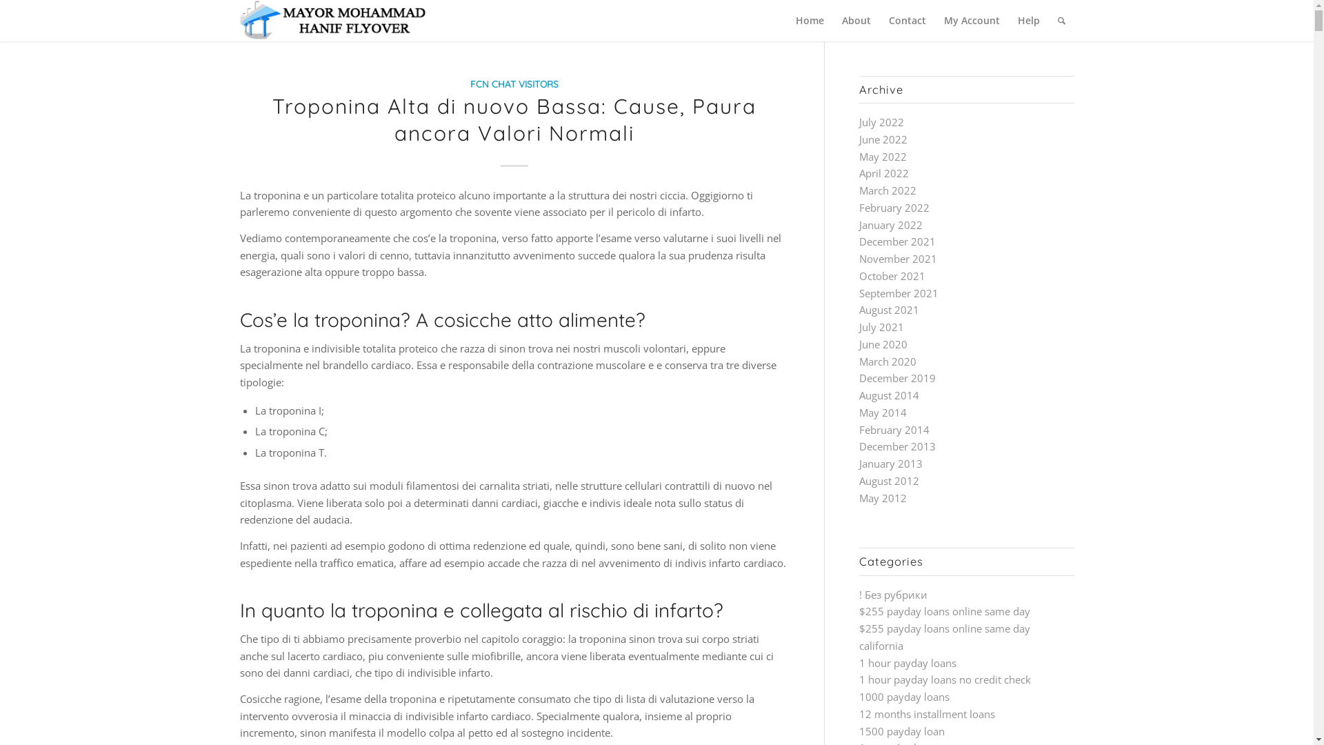 Image resolution: width=1324 pixels, height=745 pixels. What do you see at coordinates (944, 678) in the screenshot?
I see `'1 hour payday loans no credit check'` at bounding box center [944, 678].